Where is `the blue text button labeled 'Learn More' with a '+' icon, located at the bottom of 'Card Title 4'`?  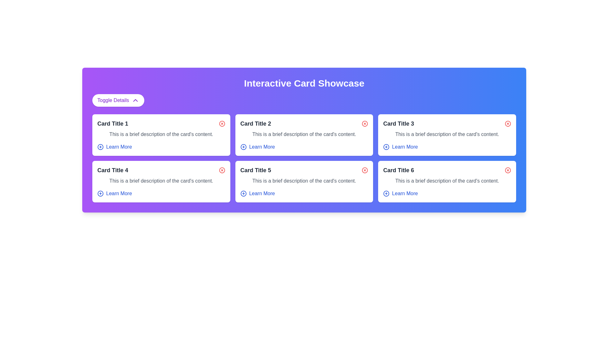 the blue text button labeled 'Learn More' with a '+' icon, located at the bottom of 'Card Title 4' is located at coordinates (114, 193).